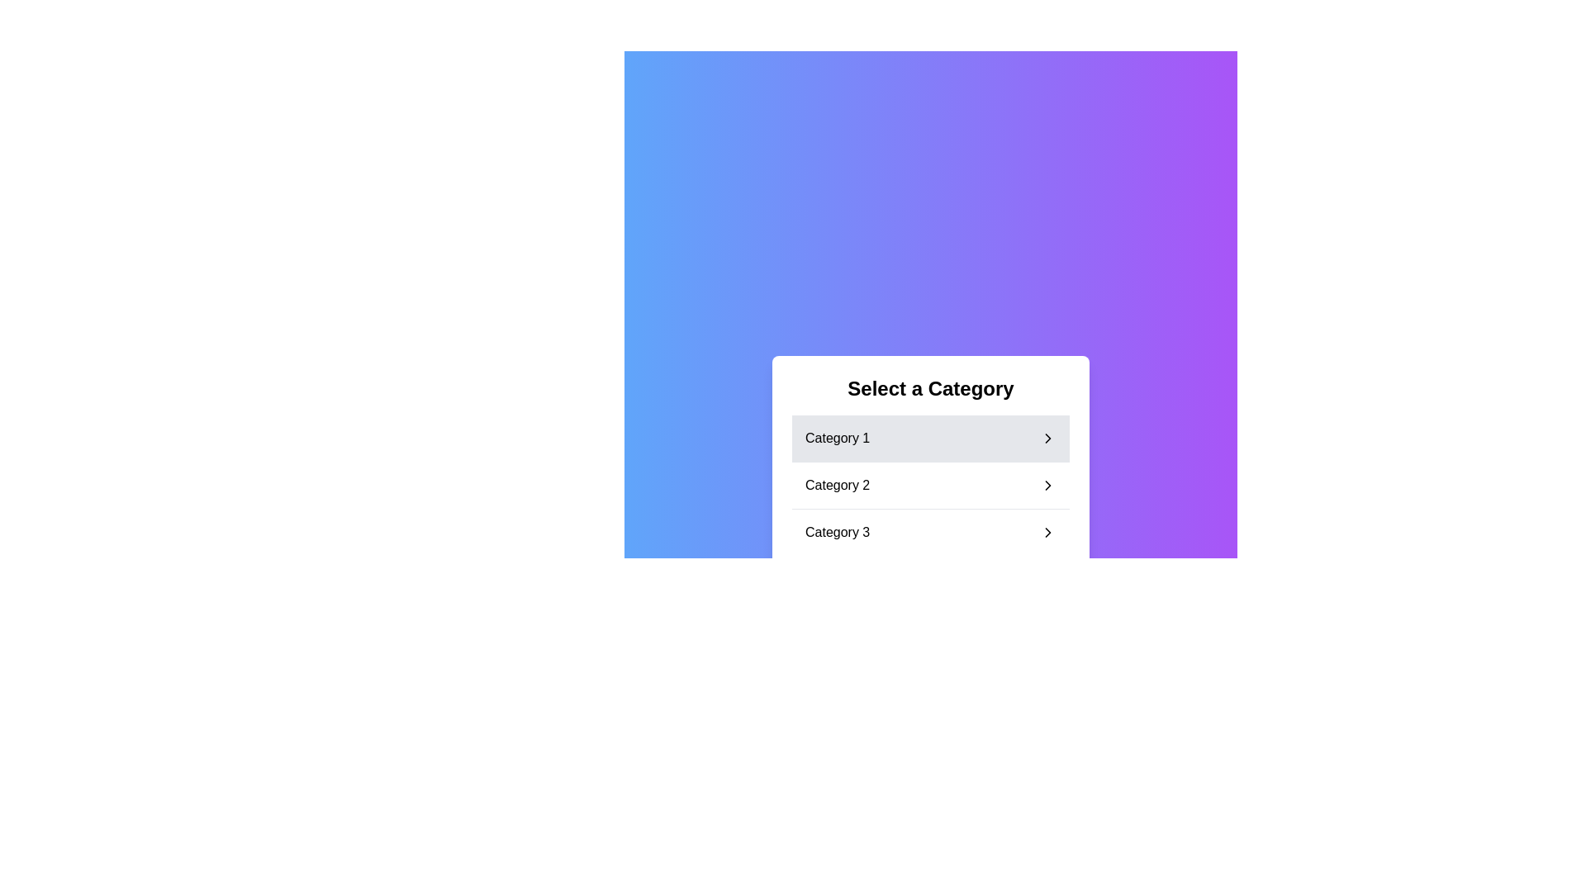  Describe the element at coordinates (1047, 484) in the screenshot. I see `the Chevron or arrow icon located at the far-right end of the 'Category 2' row in the popup card to indicate additional options` at that location.